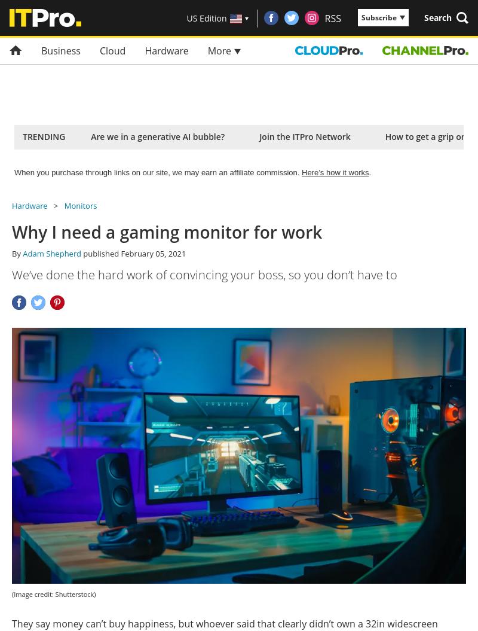  What do you see at coordinates (157, 136) in the screenshot?
I see `'Are we in a generative AI bubble?'` at bounding box center [157, 136].